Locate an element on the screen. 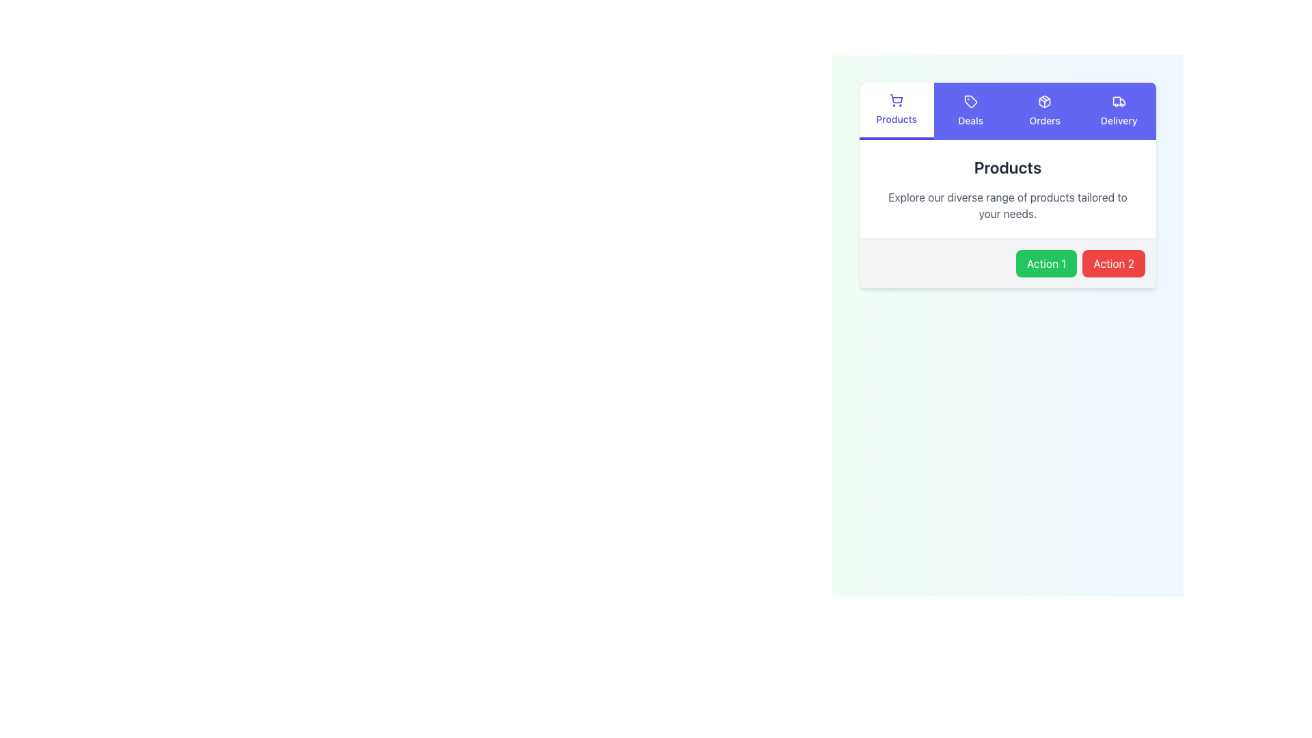 This screenshot has width=1312, height=738. the fourth navigation button in the top-right navigation bar is located at coordinates (1119, 110).